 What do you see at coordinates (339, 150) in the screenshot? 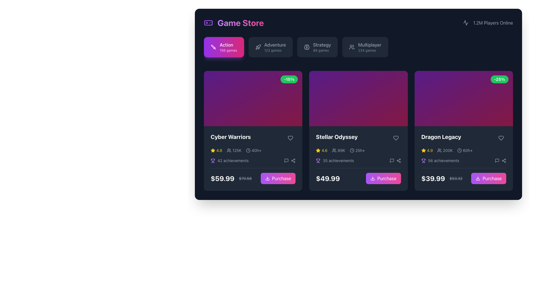
I see `the player count indicator for the game 'Stellar Odyssey' located in the second row of the interface` at bounding box center [339, 150].